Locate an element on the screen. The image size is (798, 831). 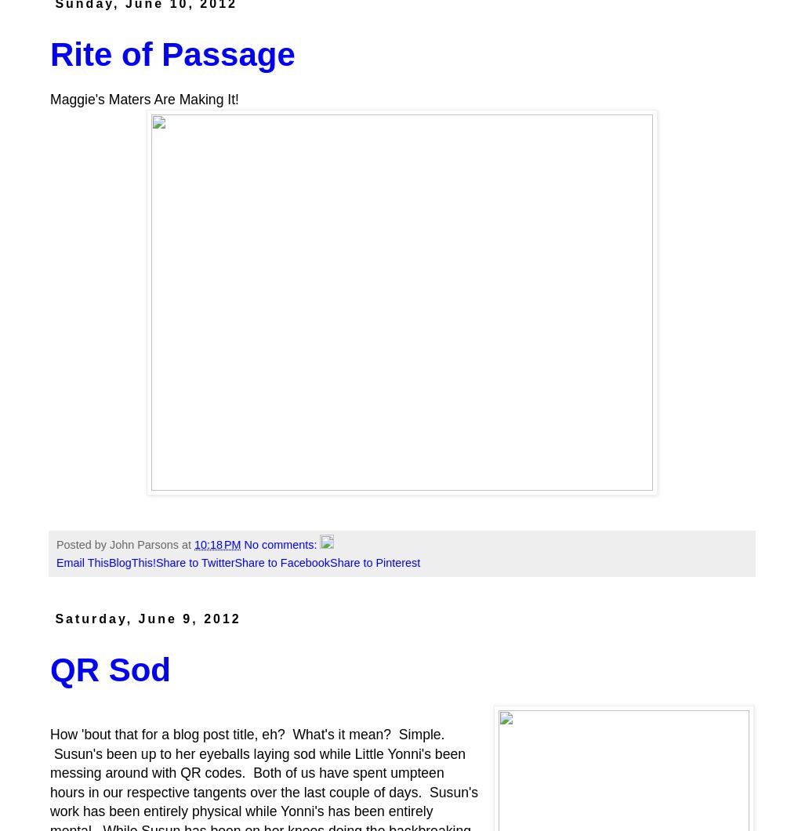
'Share to Pinterest' is located at coordinates (329, 562).